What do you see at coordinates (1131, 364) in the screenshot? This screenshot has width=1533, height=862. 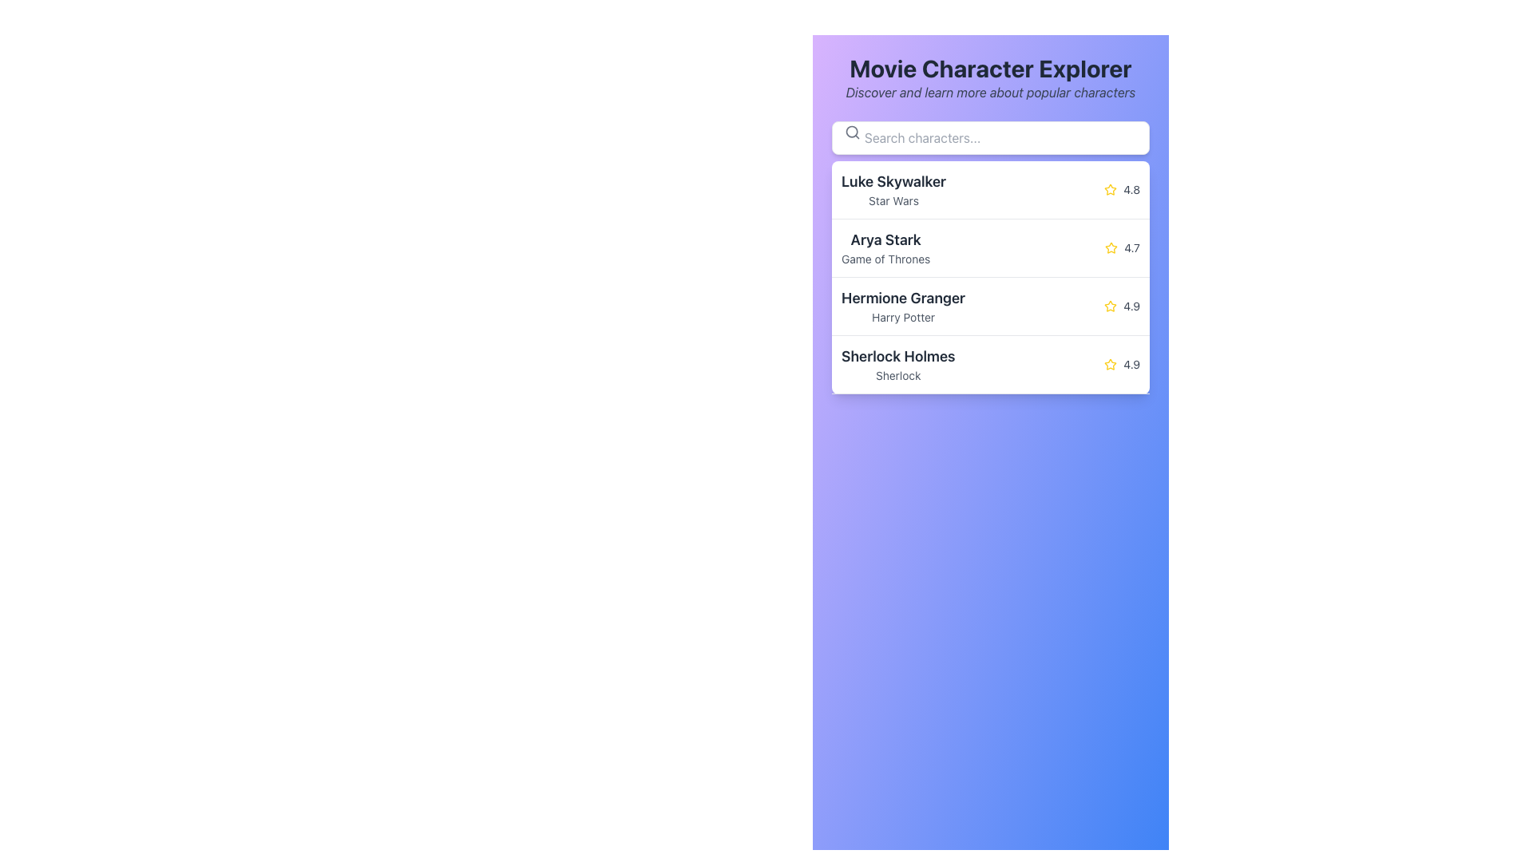 I see `the numeric value text displaying '4.9' for the 'Hermione Granger' rating display, which is styled with gray color and positioned beside a yellow star icon` at bounding box center [1131, 364].